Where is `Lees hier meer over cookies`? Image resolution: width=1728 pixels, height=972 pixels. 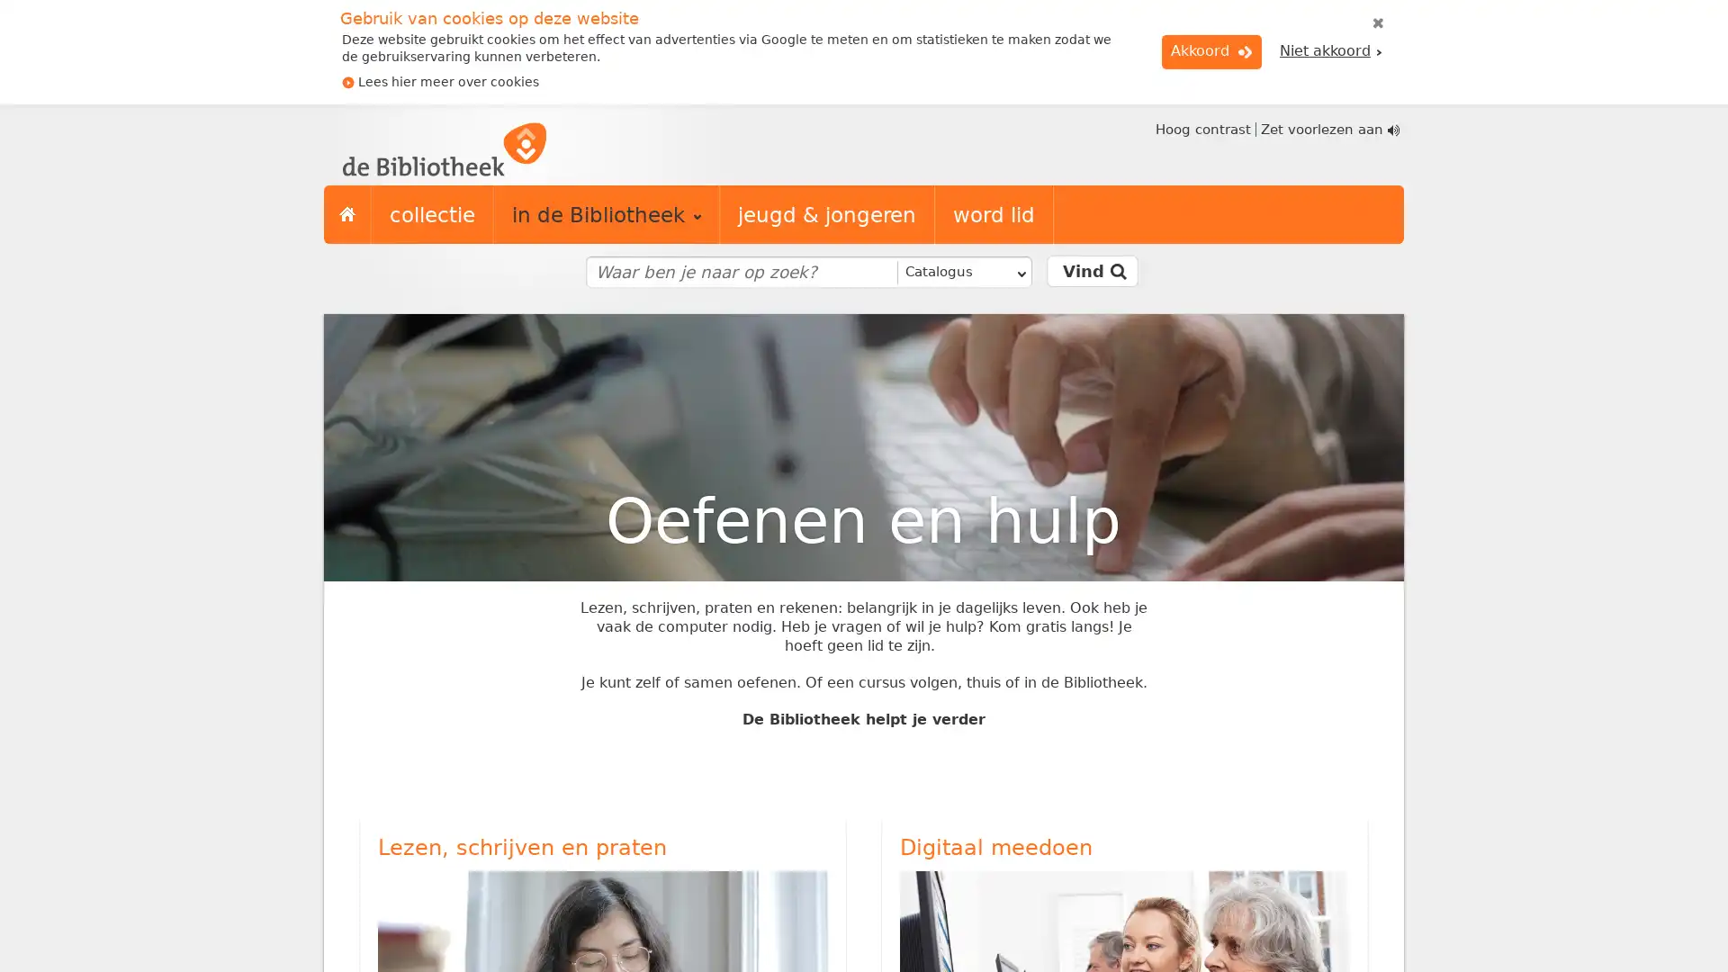 Lees hier meer over cookies is located at coordinates (440, 82).